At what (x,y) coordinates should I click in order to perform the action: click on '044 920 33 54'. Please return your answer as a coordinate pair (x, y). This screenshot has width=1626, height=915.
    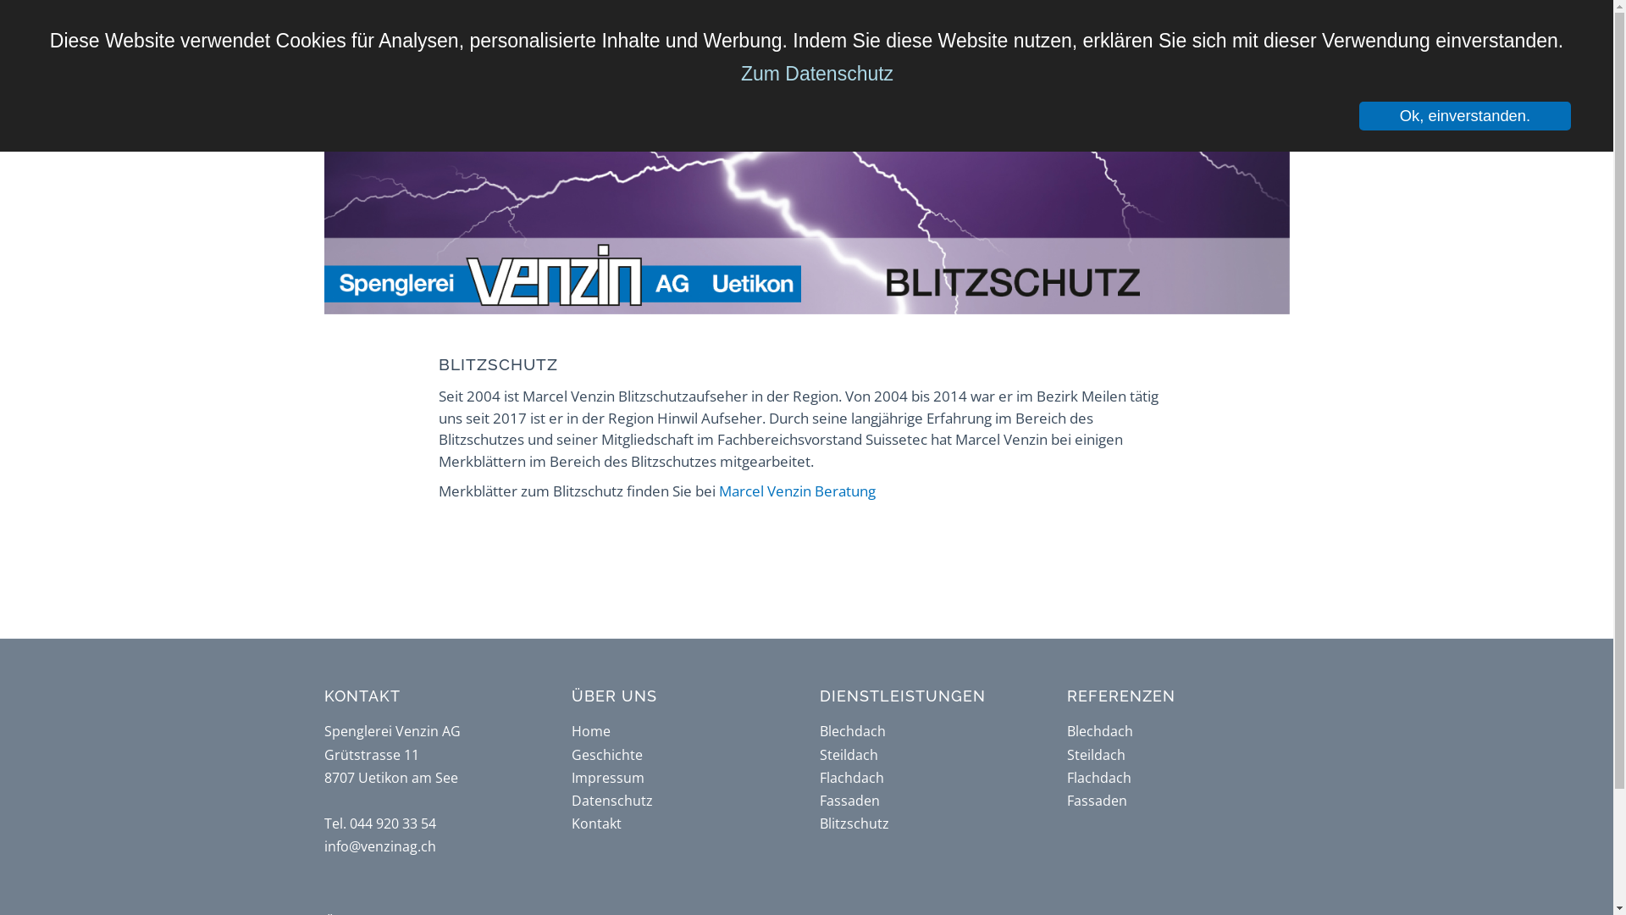
    Looking at the image, I should click on (348, 823).